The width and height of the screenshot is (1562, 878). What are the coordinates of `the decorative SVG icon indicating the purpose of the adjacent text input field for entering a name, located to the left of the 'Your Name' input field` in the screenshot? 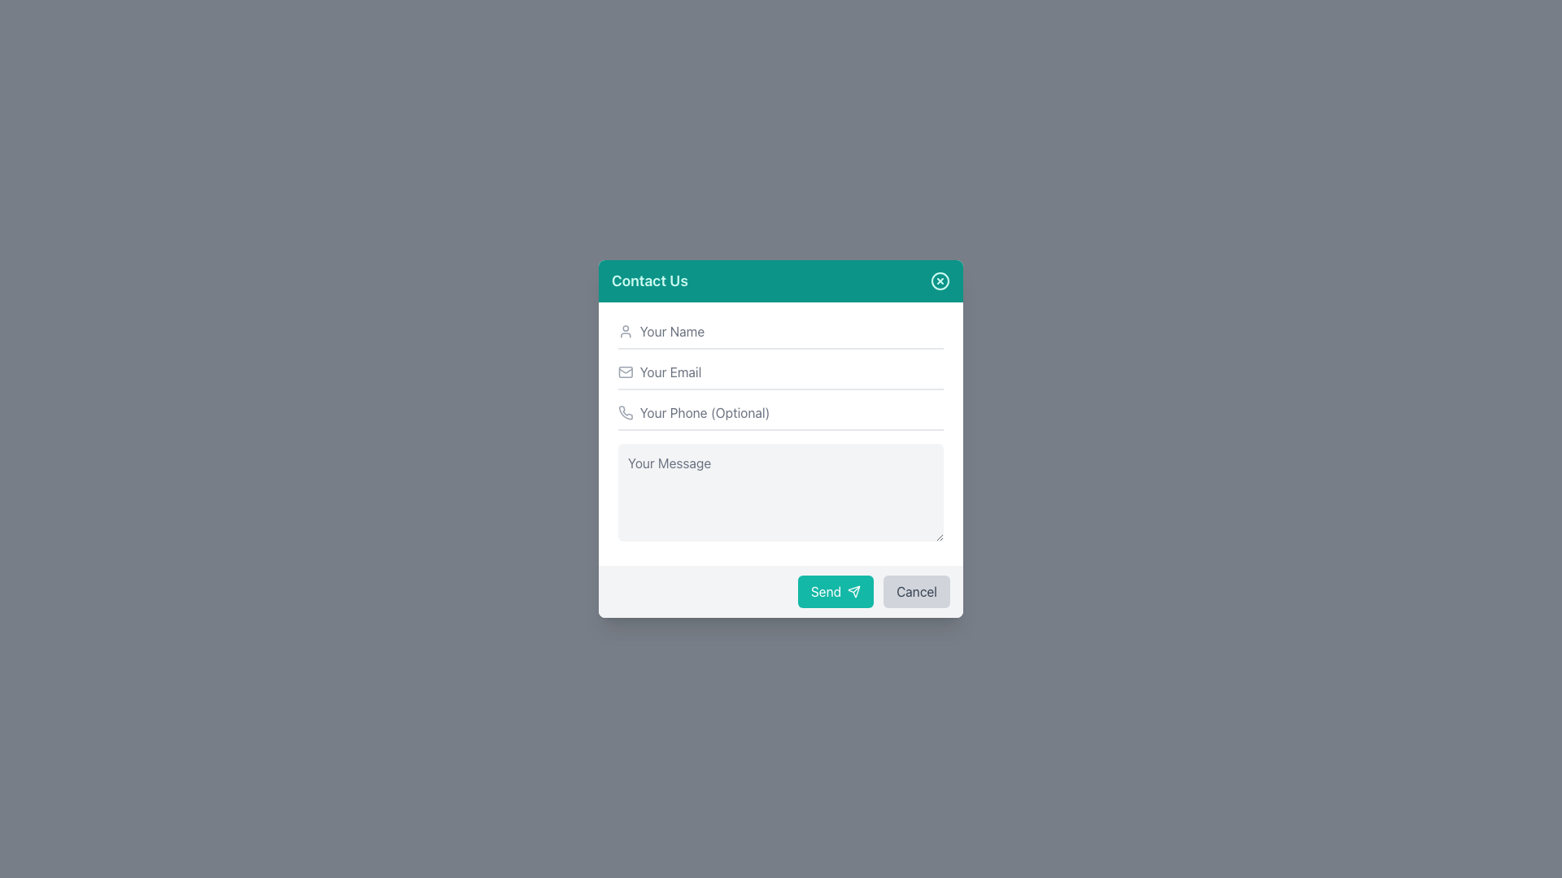 It's located at (625, 331).